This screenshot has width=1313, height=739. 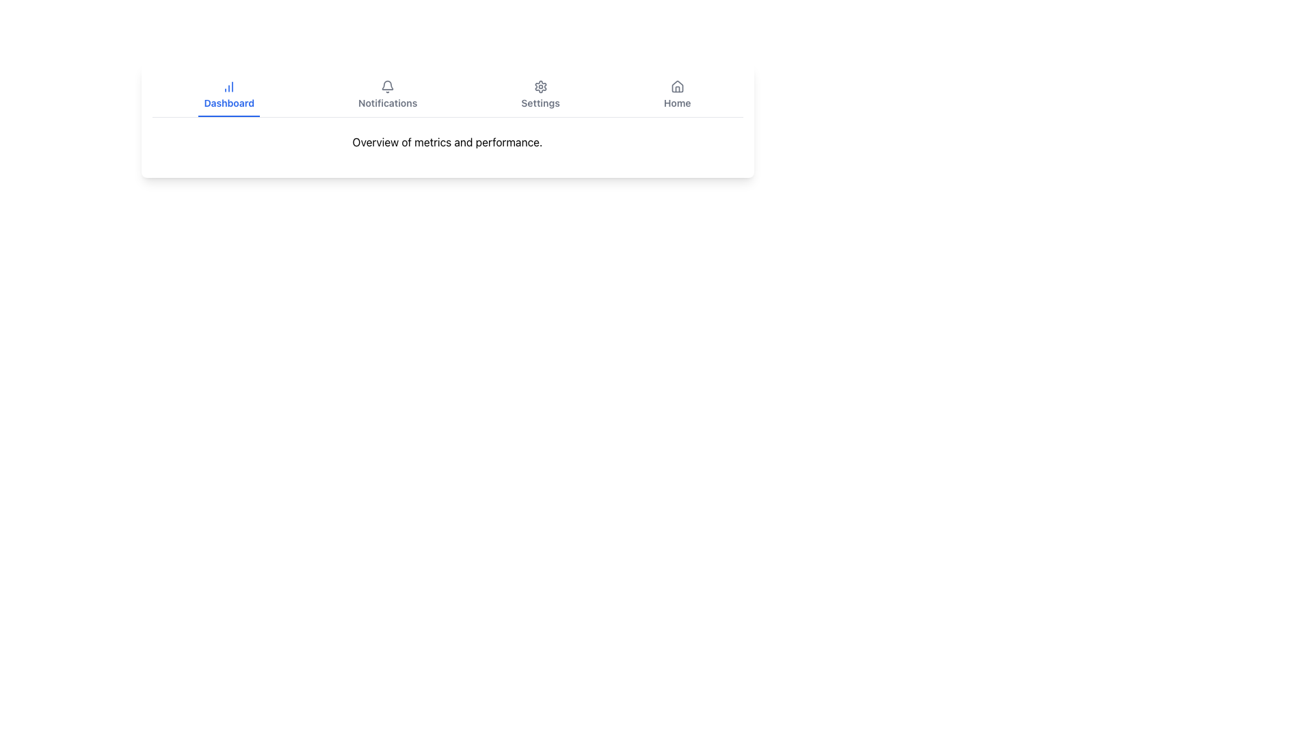 What do you see at coordinates (540, 87) in the screenshot?
I see `the gear icon representing the Settings section in the horizontal navigation bar, located between the Notifications and Home items` at bounding box center [540, 87].